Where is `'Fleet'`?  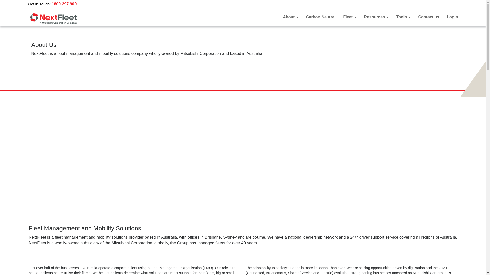 'Fleet' is located at coordinates (350, 16).